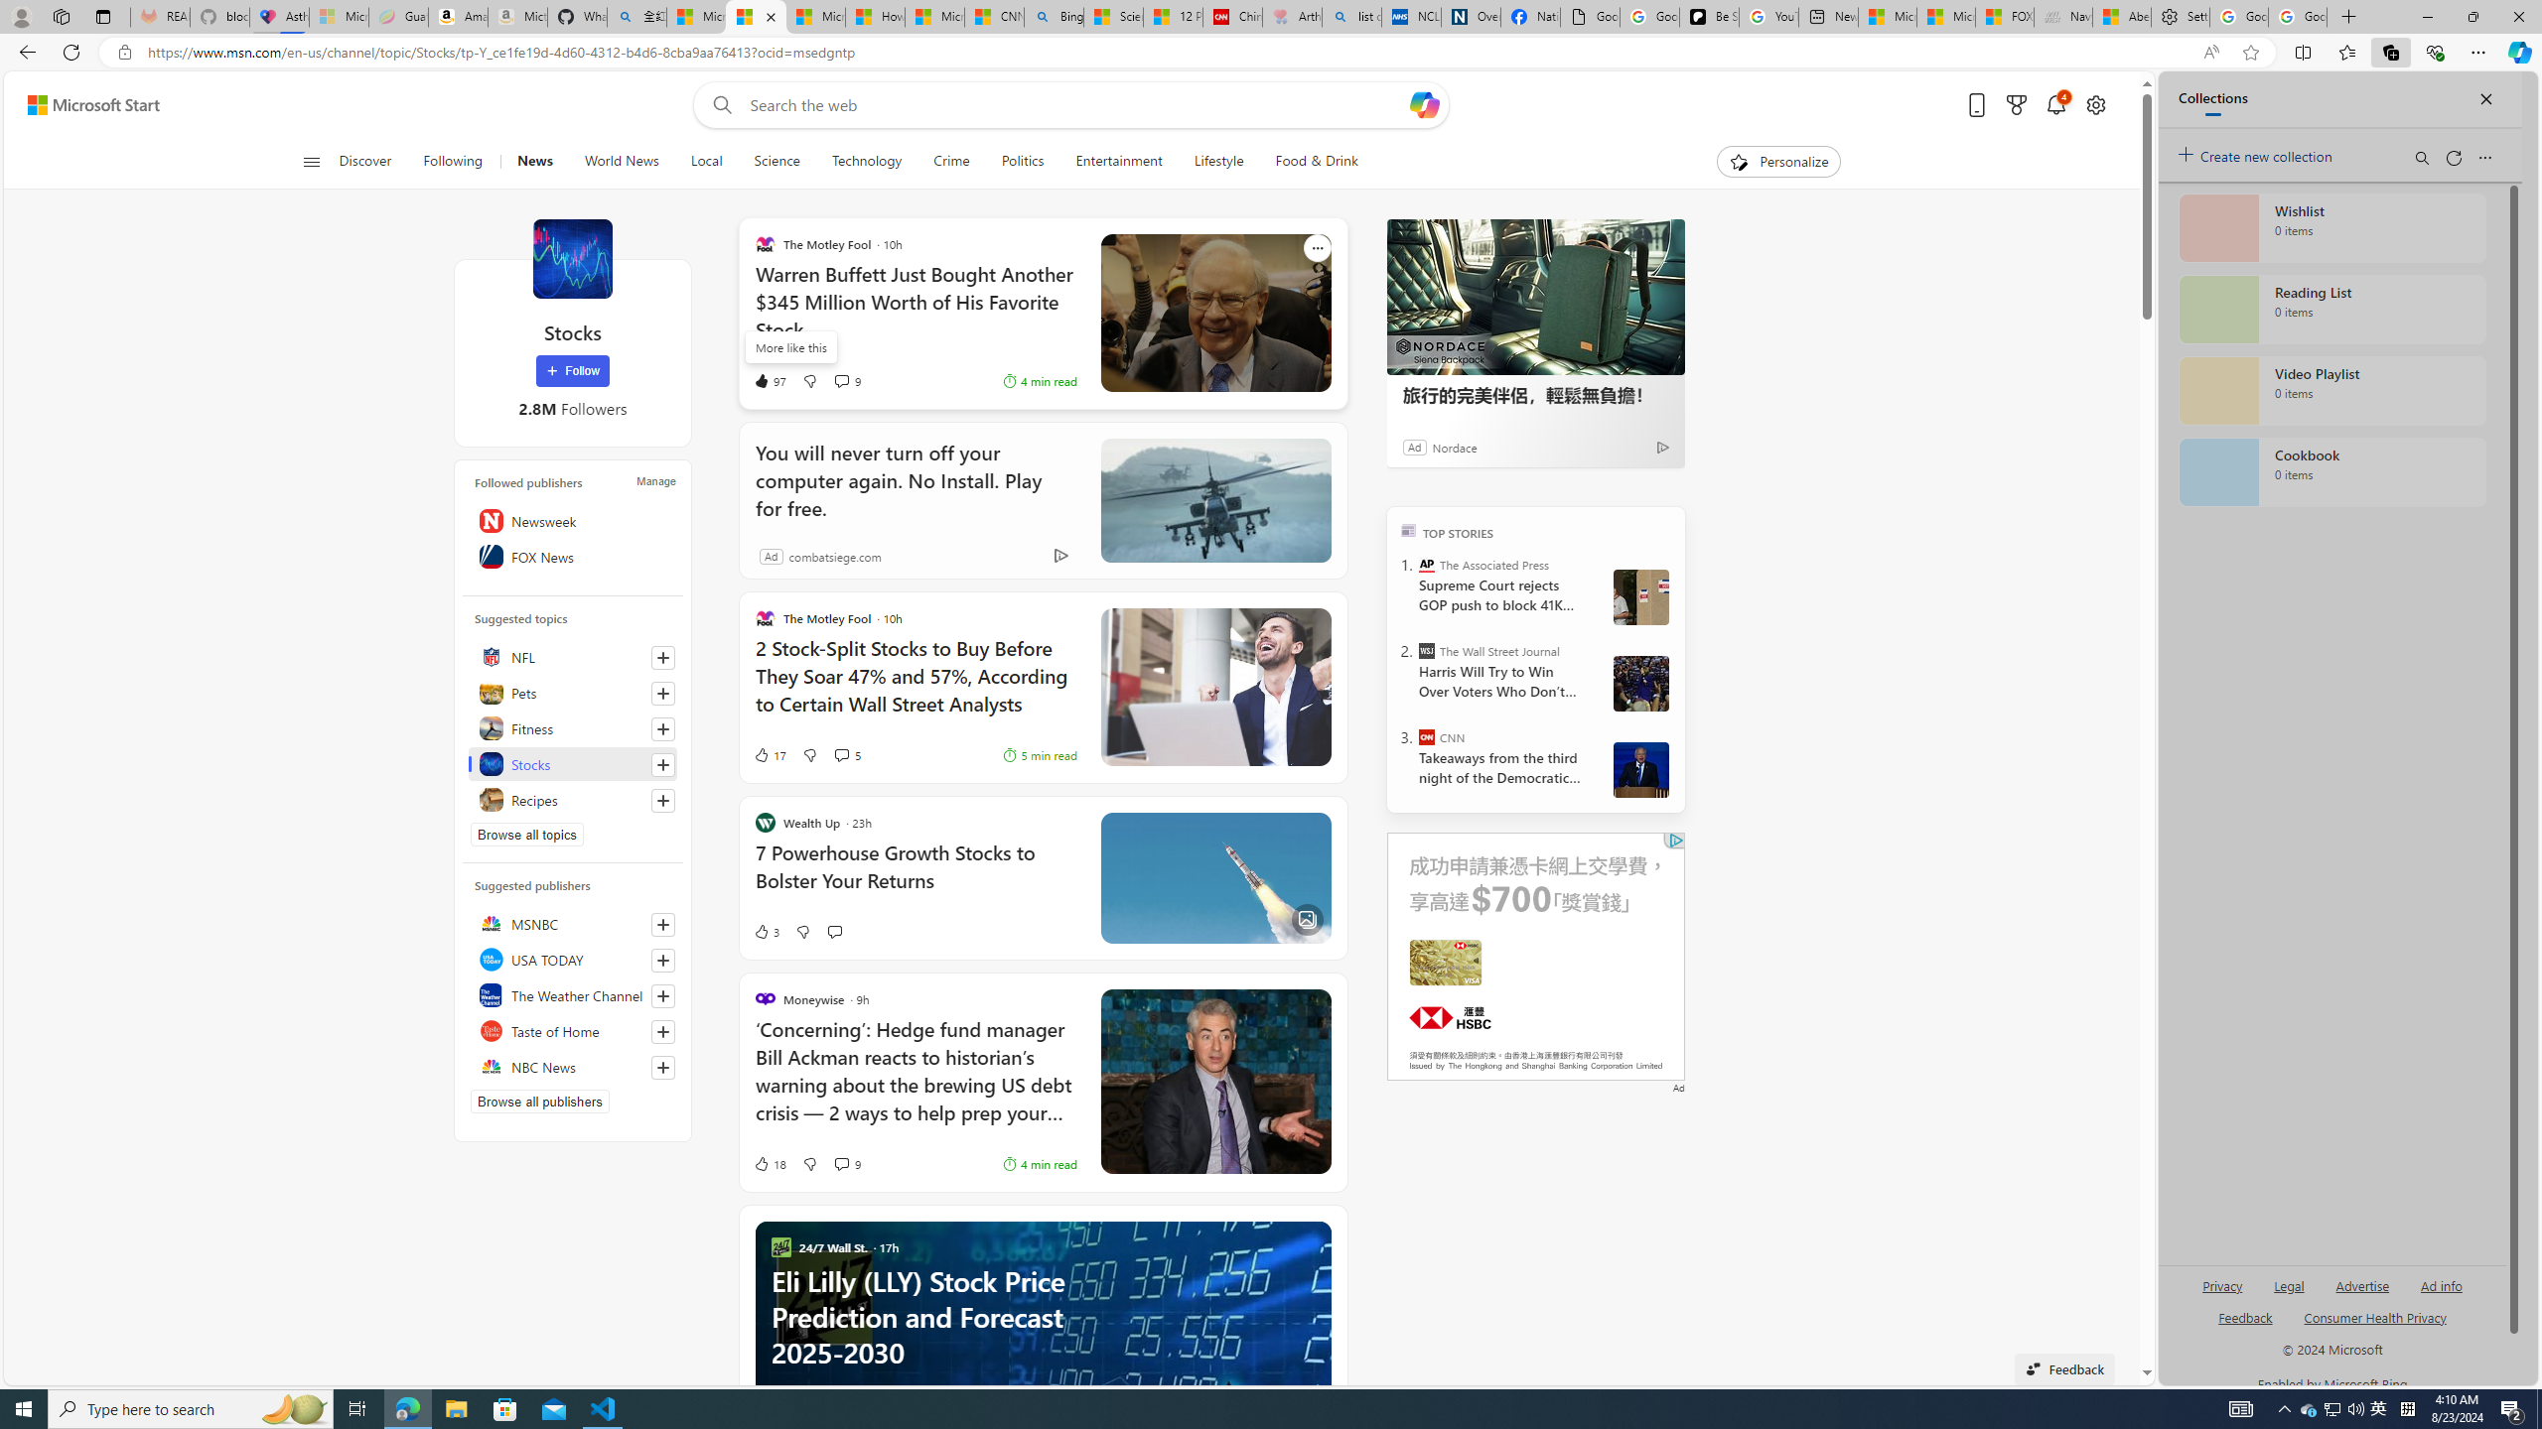  Describe the element at coordinates (571, 994) in the screenshot. I see `'The Weather Channel'` at that location.